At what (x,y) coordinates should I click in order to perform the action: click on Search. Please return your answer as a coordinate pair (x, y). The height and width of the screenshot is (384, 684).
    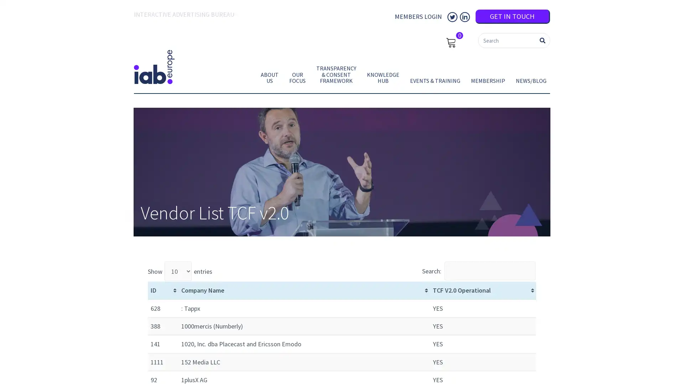
    Looking at the image, I should click on (542, 41).